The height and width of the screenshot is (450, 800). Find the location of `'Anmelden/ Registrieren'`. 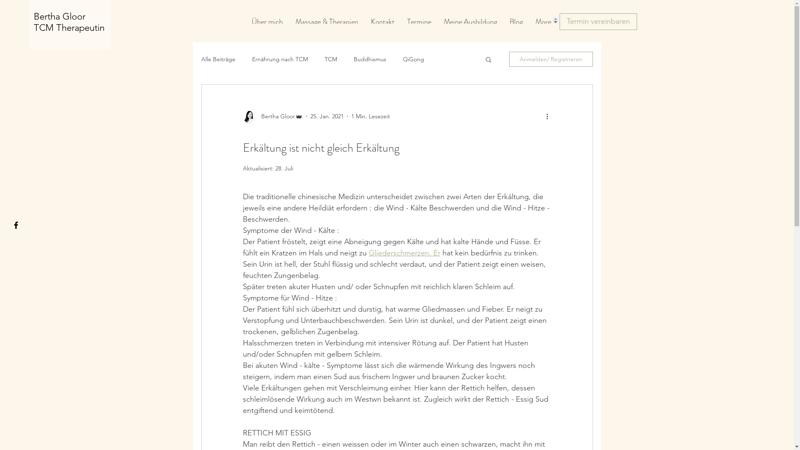

'Anmelden/ Registrieren' is located at coordinates (551, 59).